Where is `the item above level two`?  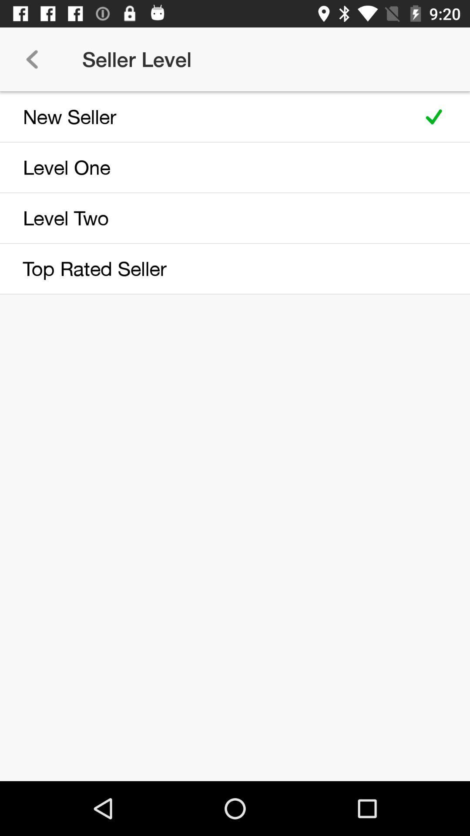
the item above level two is located at coordinates (205, 167).